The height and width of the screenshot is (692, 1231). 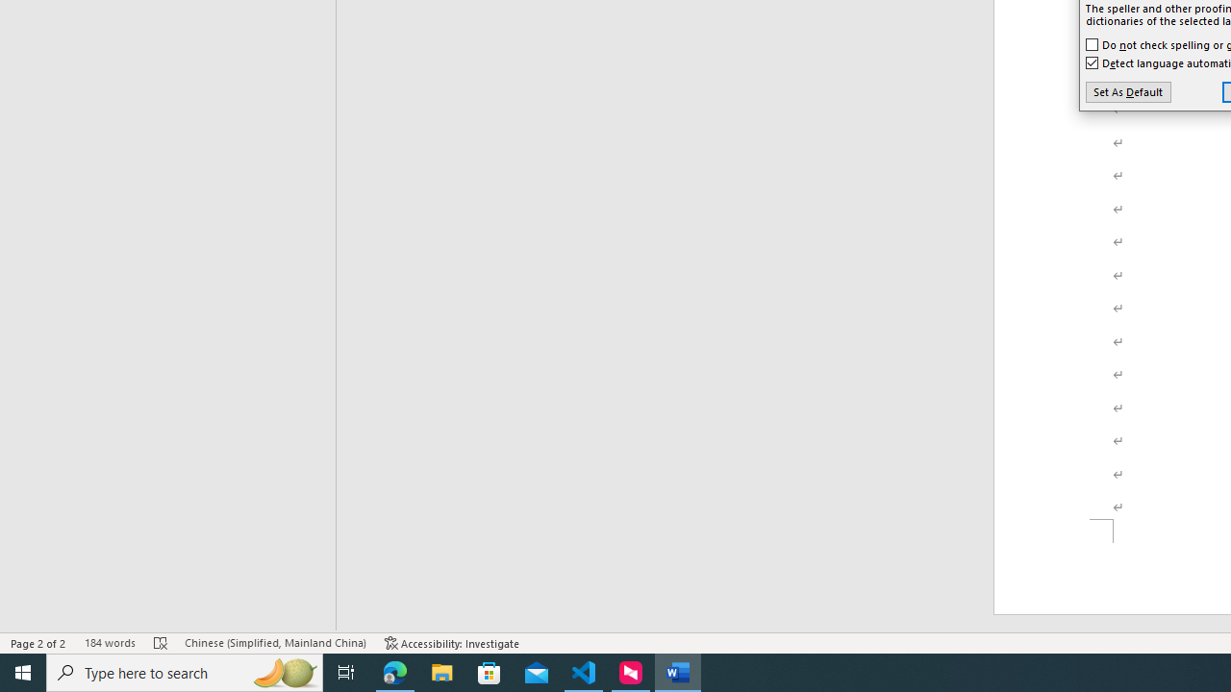 What do you see at coordinates (394, 671) in the screenshot?
I see `'Microsoft Edge - 1 running window'` at bounding box center [394, 671].